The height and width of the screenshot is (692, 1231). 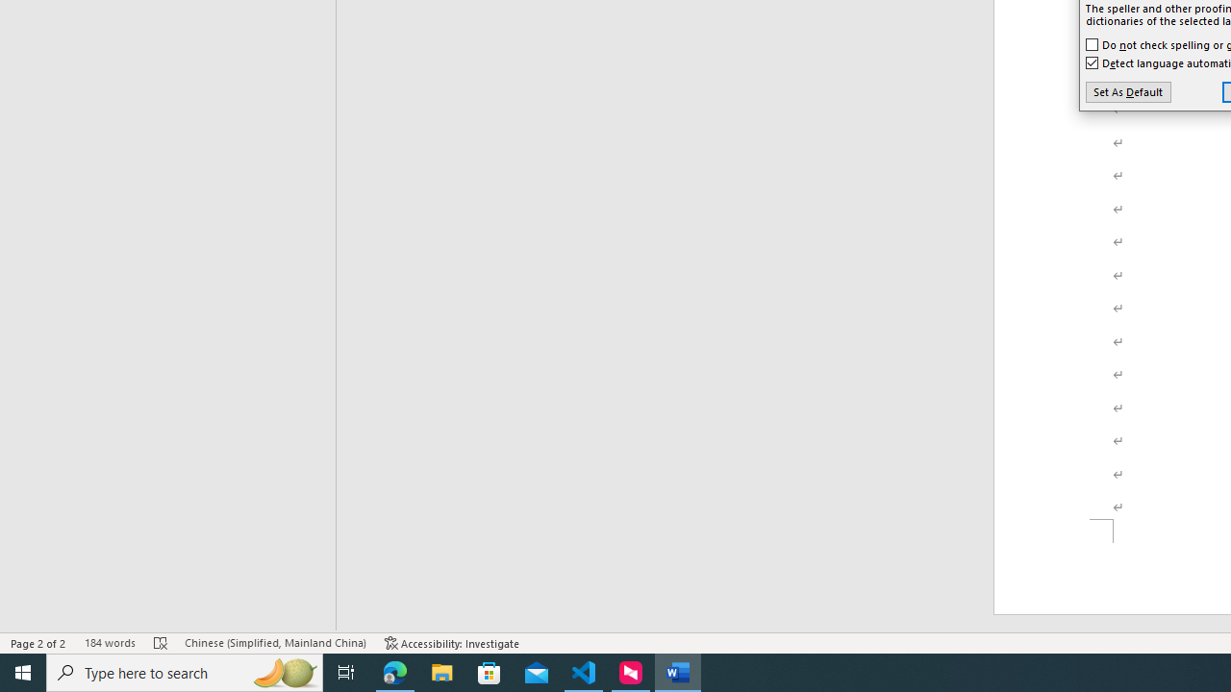 What do you see at coordinates (394, 671) in the screenshot?
I see `'Microsoft Edge - 1 running window'` at bounding box center [394, 671].